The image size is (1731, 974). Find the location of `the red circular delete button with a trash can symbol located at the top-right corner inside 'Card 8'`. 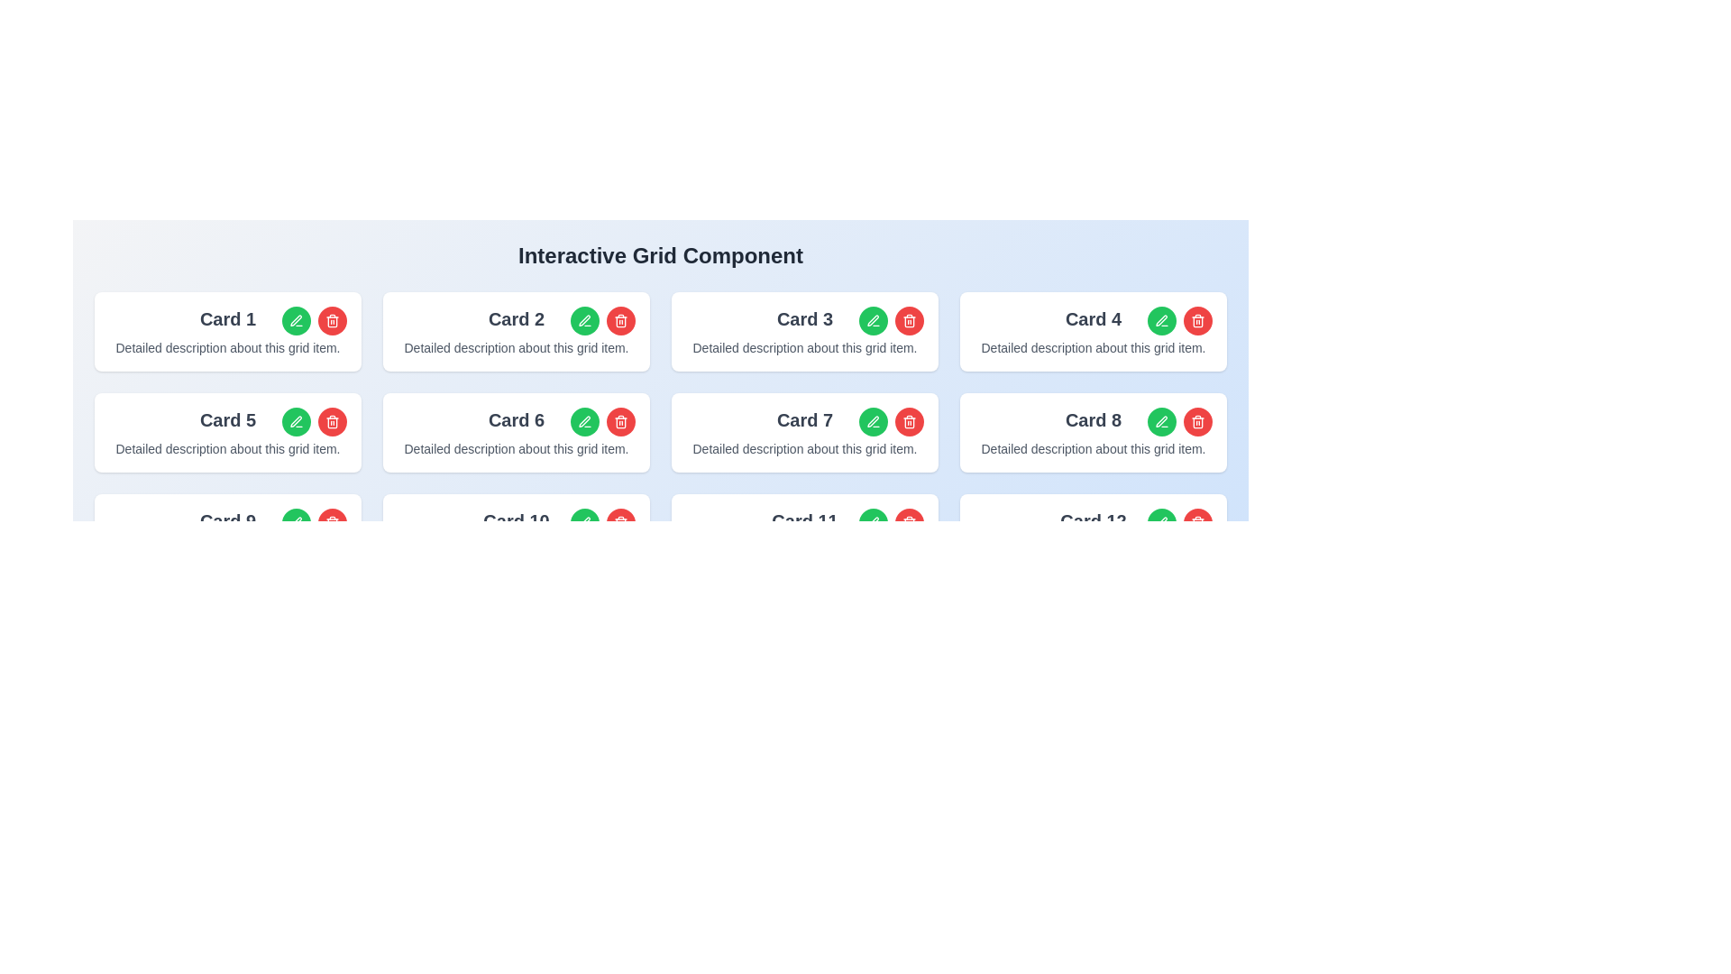

the red circular delete button with a trash can symbol located at the top-right corner inside 'Card 8' is located at coordinates (1180, 421).